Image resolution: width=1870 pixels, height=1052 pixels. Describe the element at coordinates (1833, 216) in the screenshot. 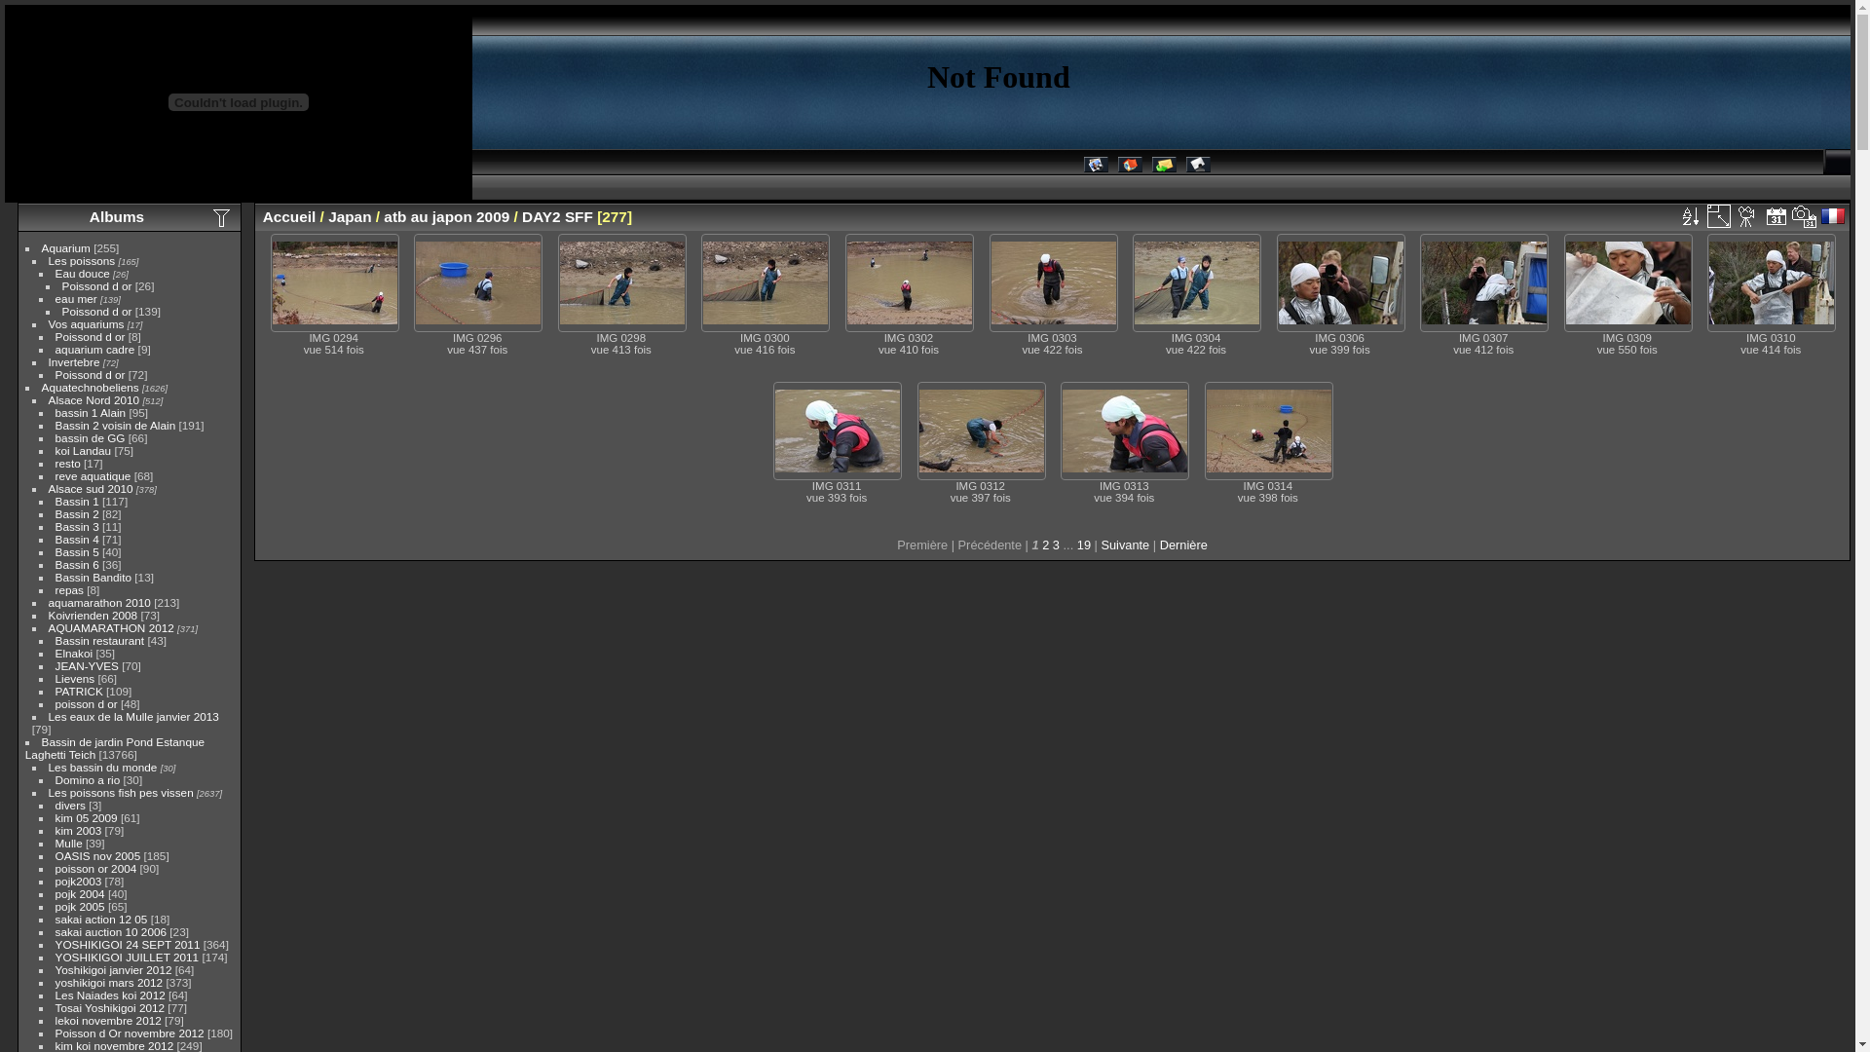

I see `' '` at that location.